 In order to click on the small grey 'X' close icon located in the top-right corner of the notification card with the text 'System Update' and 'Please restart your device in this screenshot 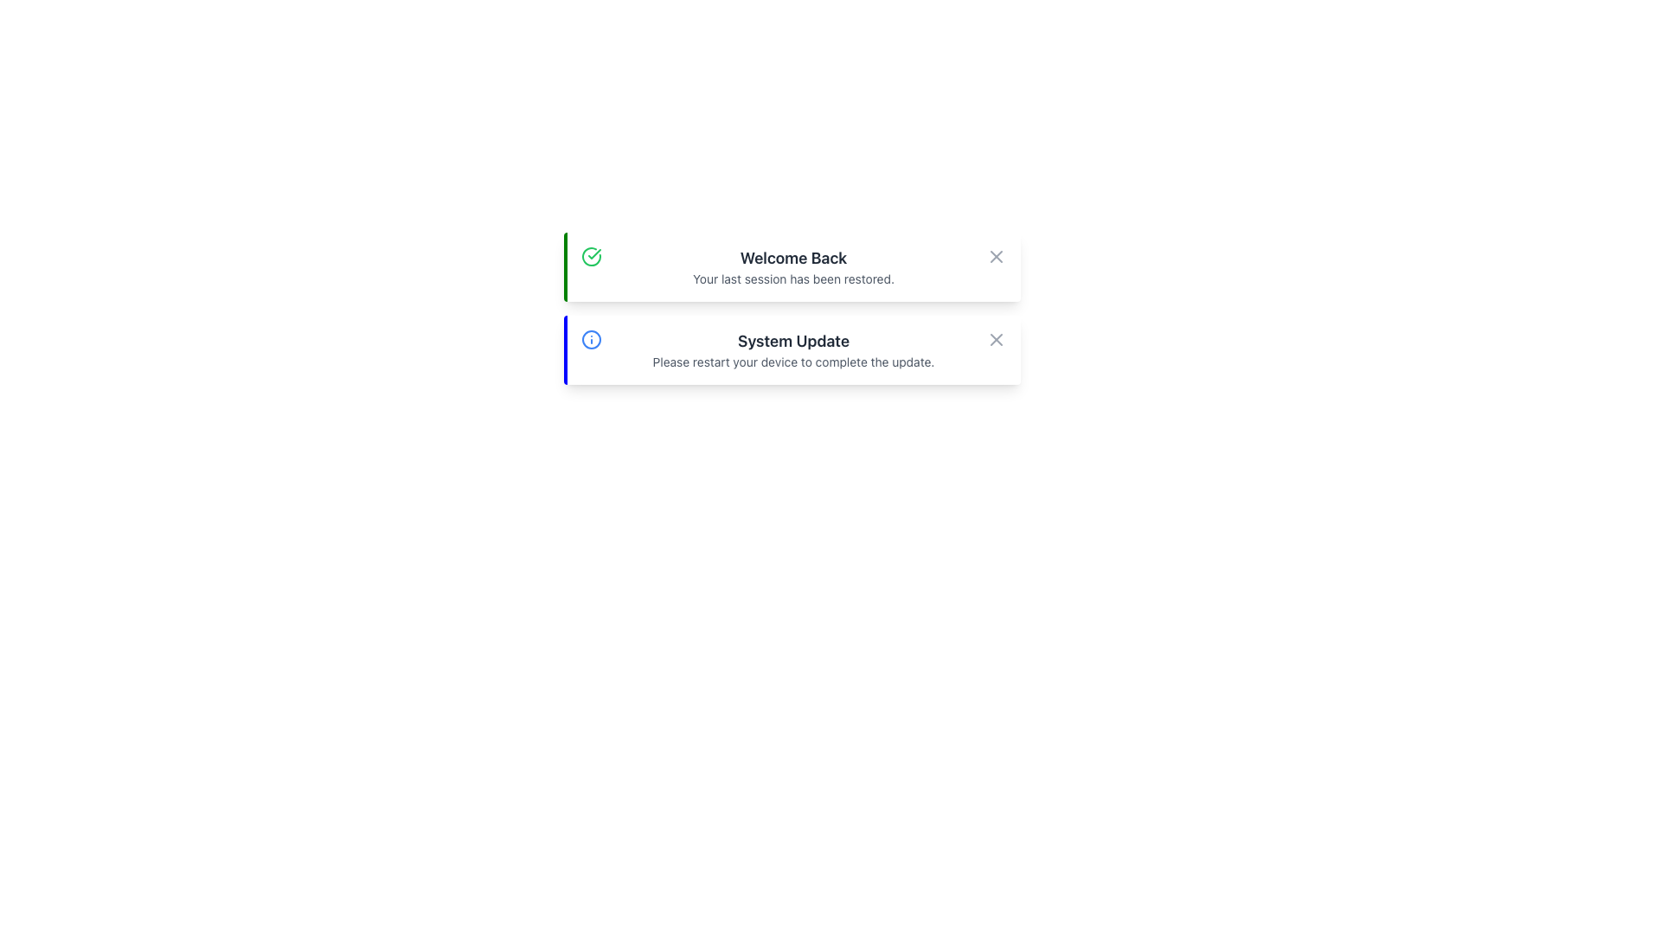, I will do `click(996, 340)`.